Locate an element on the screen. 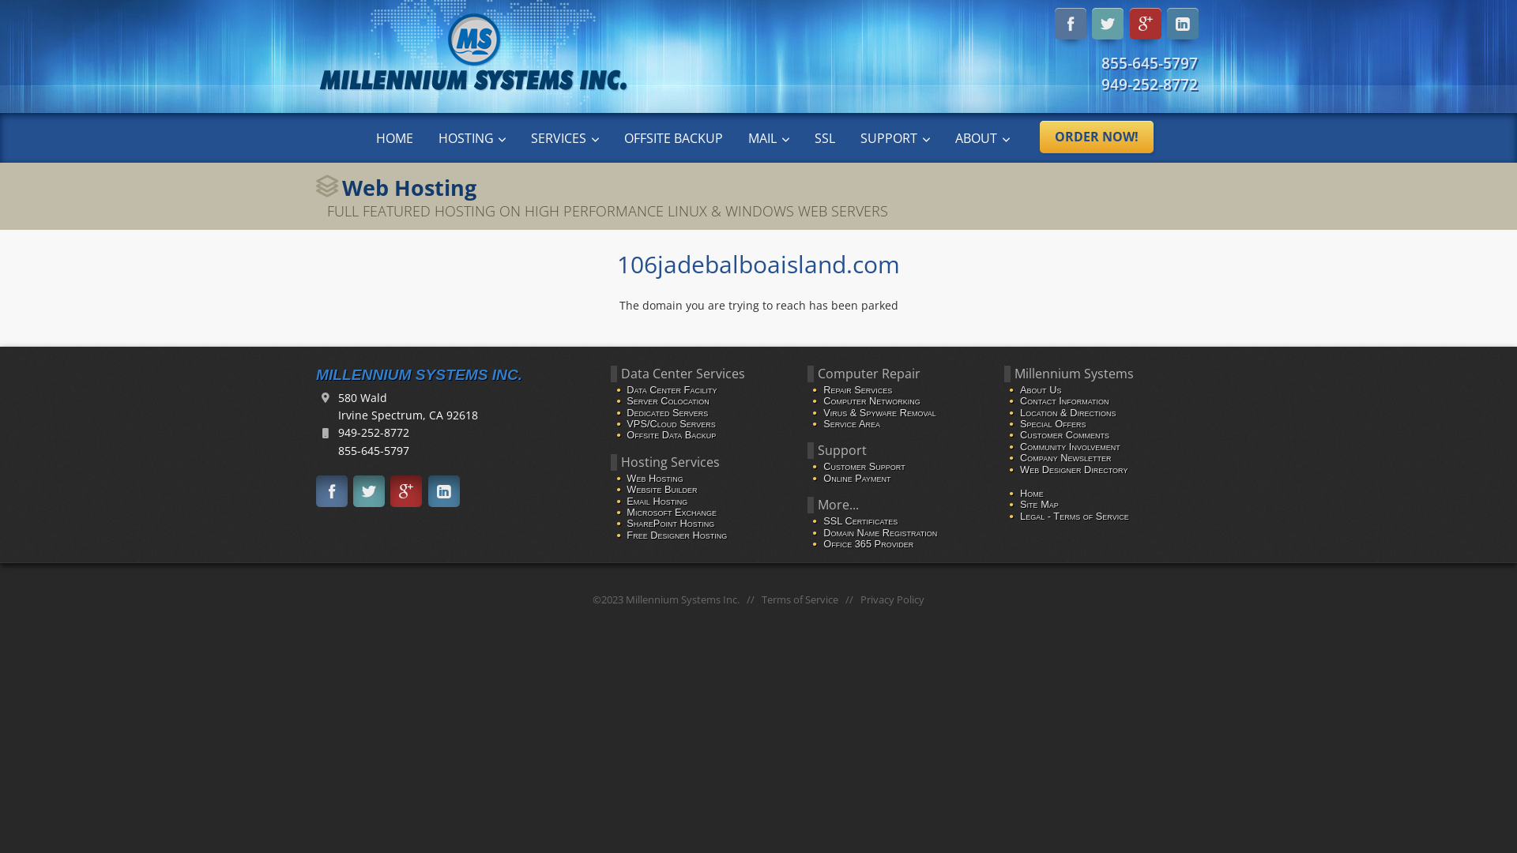 The height and width of the screenshot is (853, 1517). 'Office 365 Provider' is located at coordinates (822, 543).